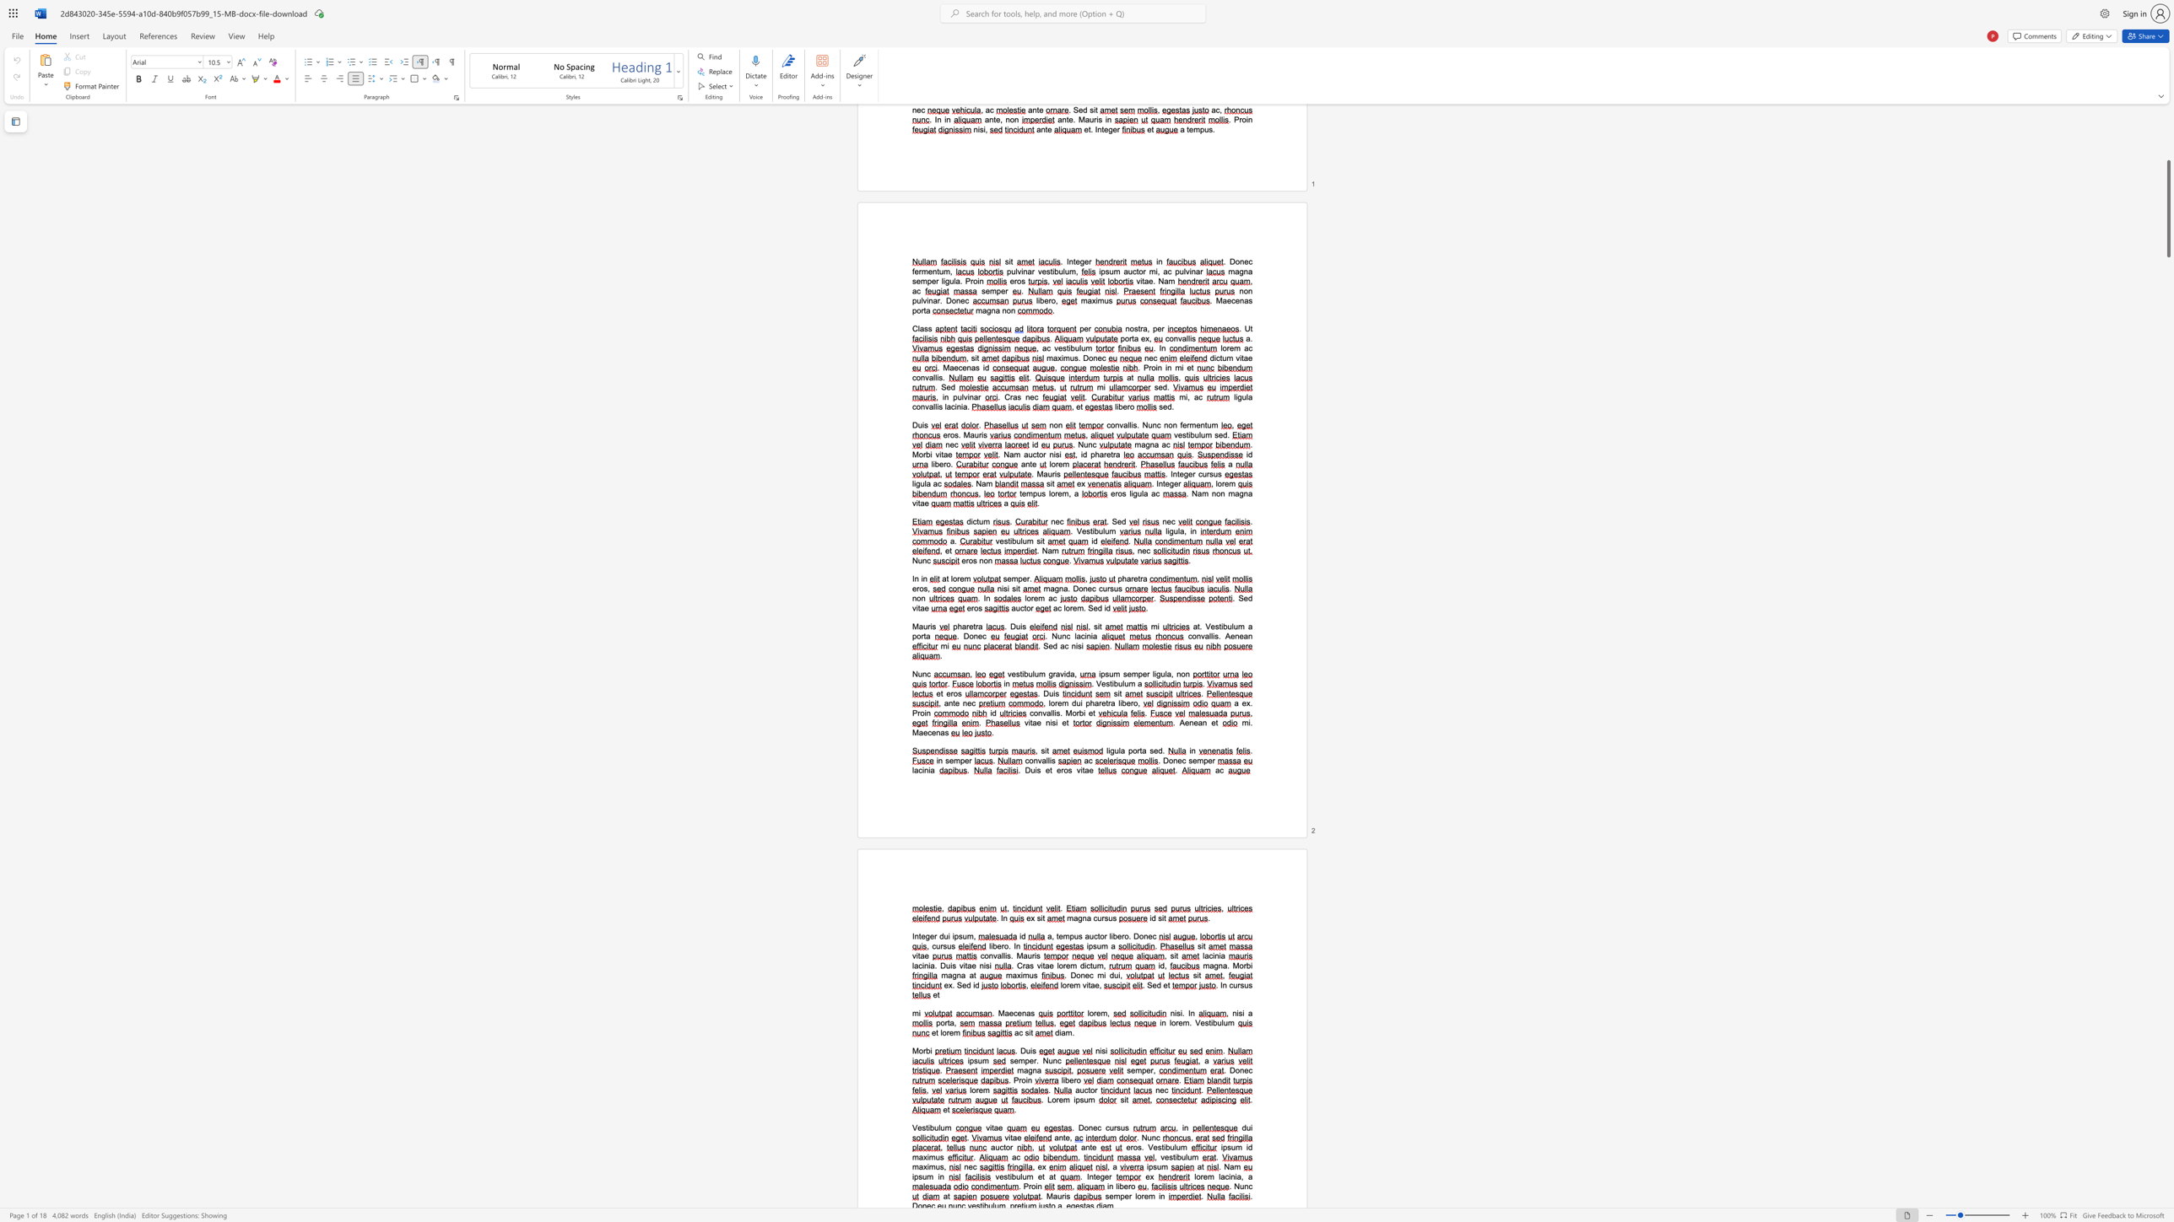 The width and height of the screenshot is (2174, 1222). Describe the element at coordinates (1053, 1099) in the screenshot. I see `the 1th character "o" in the text` at that location.